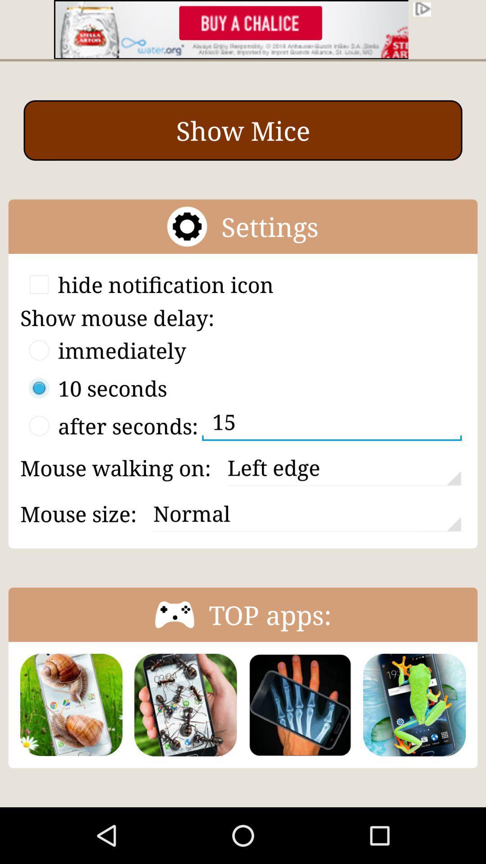  I want to click on mobile app, so click(300, 704).